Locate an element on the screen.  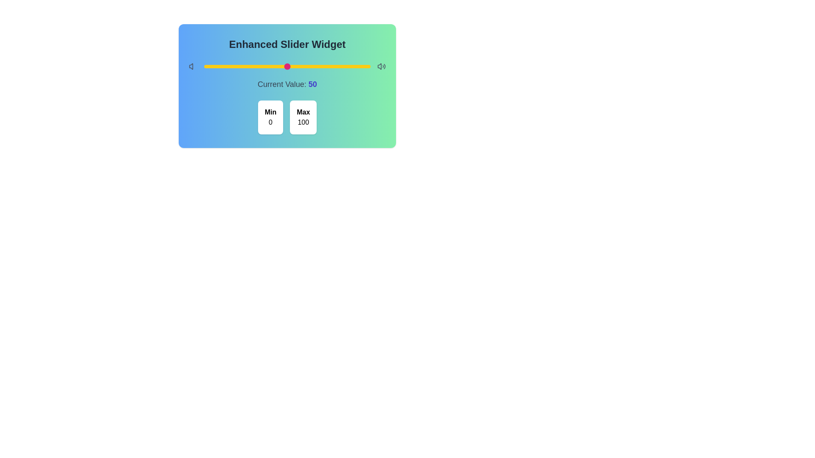
the slider to set its value to 9 is located at coordinates (219, 66).